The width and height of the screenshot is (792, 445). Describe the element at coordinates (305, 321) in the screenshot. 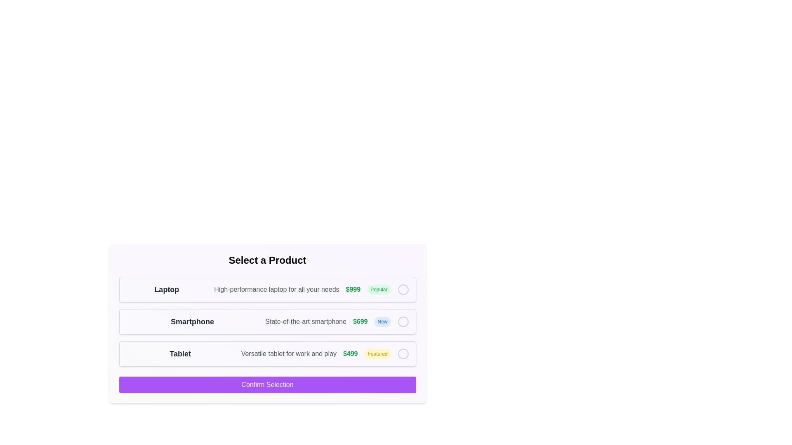

I see `the text label that provides additional descriptive information about the 'Smartphone' option, located beneath the title 'Smartphone' and to the left of the price label '$699'` at that location.